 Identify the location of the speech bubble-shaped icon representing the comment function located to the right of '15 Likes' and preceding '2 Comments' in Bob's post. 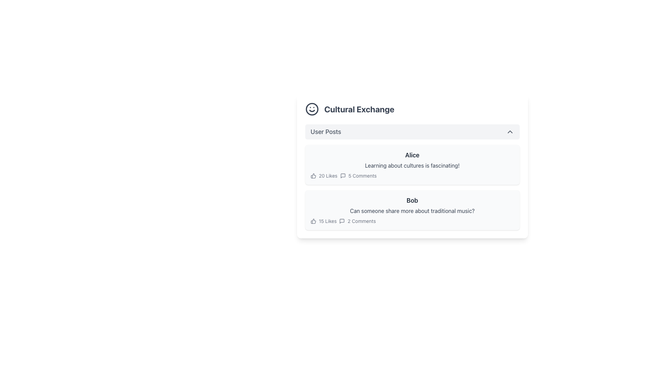
(342, 221).